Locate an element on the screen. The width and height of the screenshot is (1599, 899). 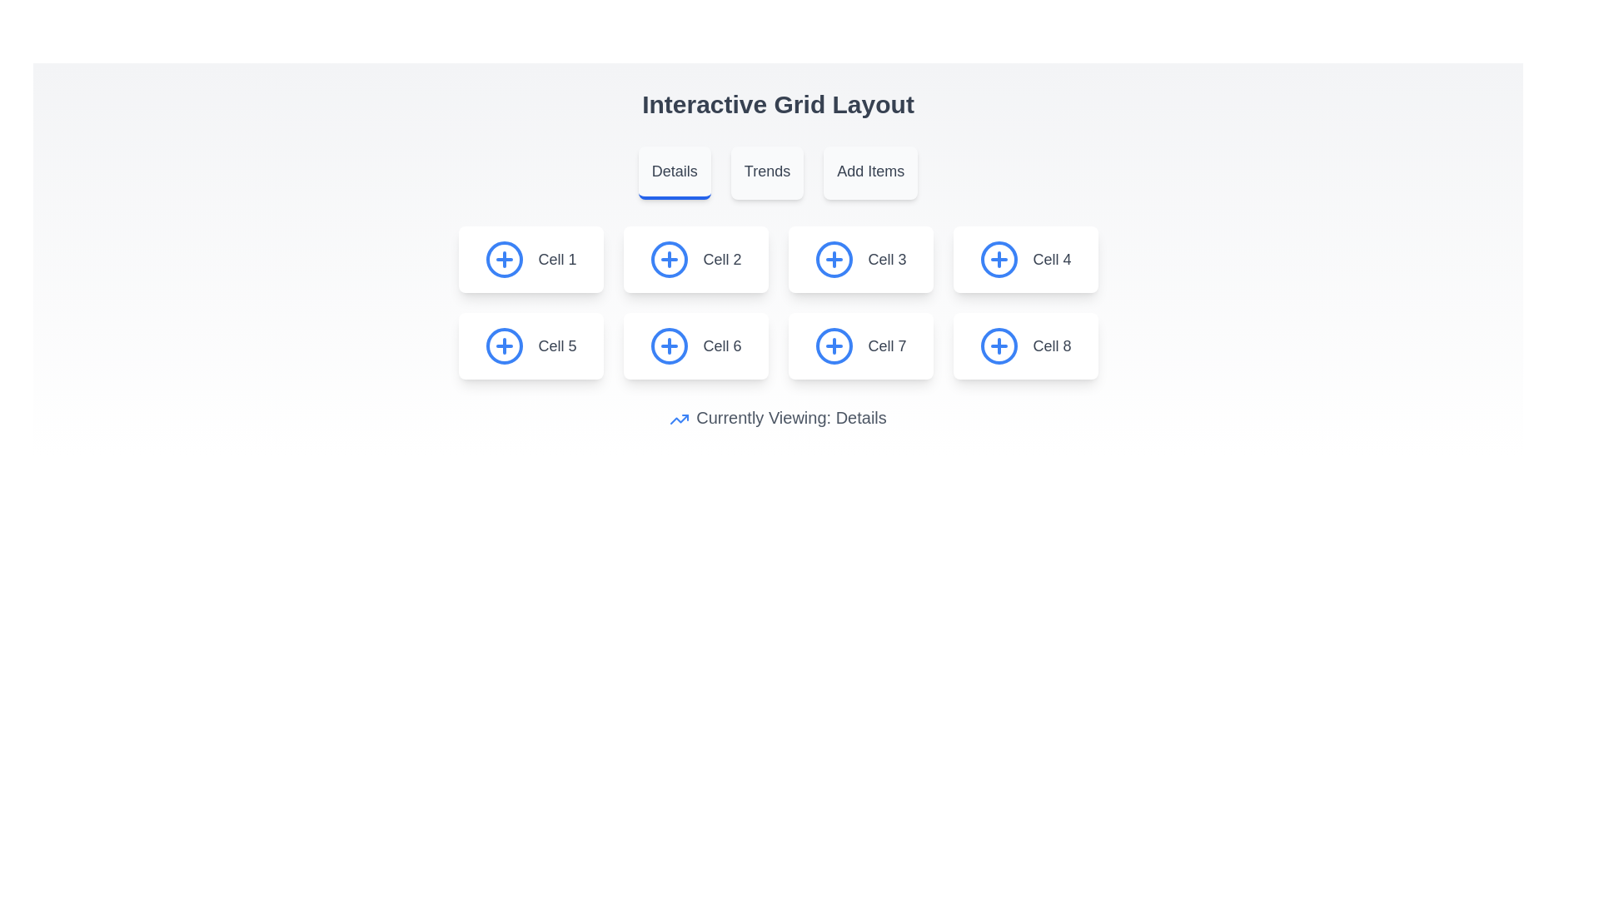
the 'Details' Text Label located at the top-center section of the interface, which is the first in a row of options and indicates the associated section or feature is located at coordinates (675, 171).